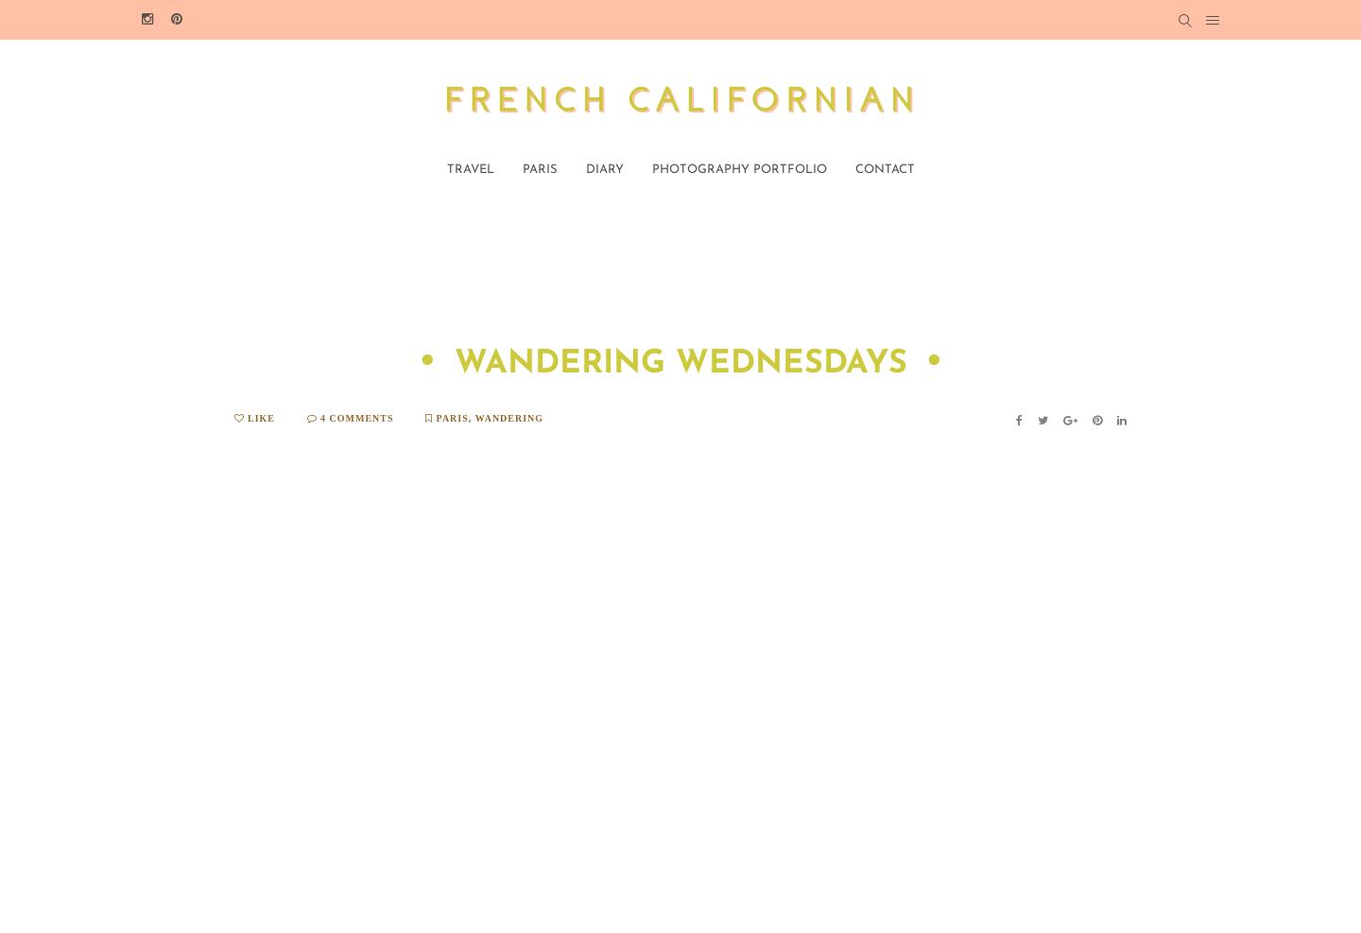  I want to click on 'Read the Blog', so click(1123, 615).